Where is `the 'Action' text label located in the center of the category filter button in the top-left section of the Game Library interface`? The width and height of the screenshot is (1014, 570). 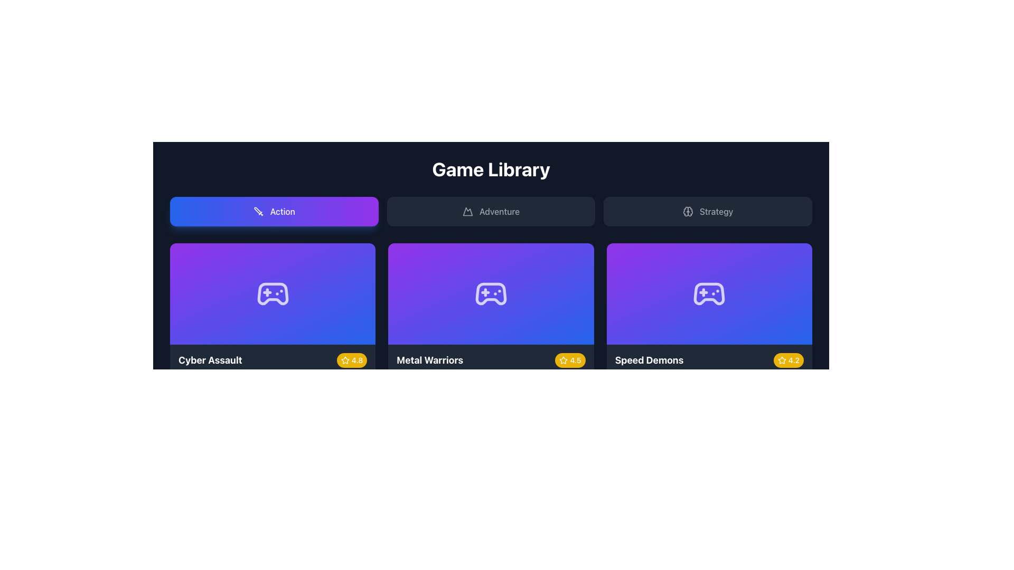 the 'Action' text label located in the center of the category filter button in the top-left section of the Game Library interface is located at coordinates (283, 212).